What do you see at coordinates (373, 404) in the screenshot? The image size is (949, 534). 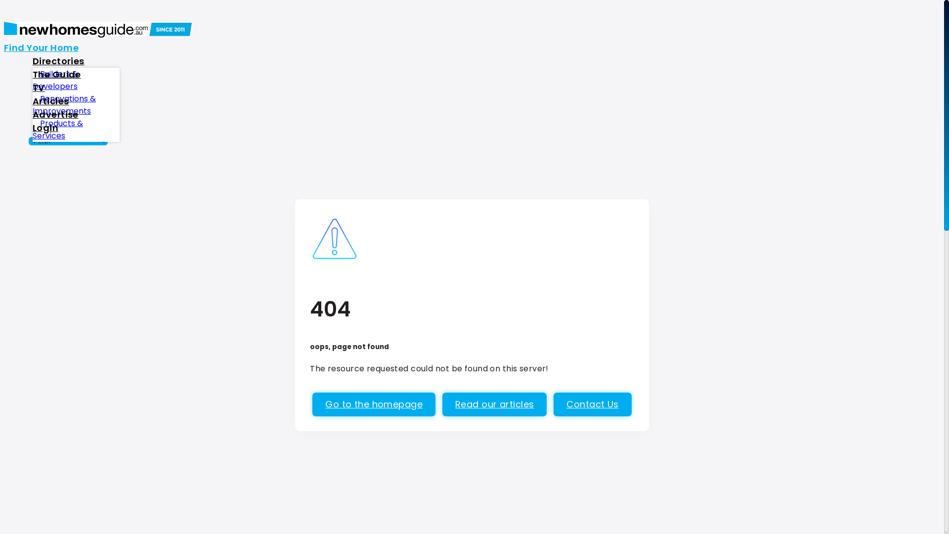 I see `'Go to the homepage'` at bounding box center [373, 404].